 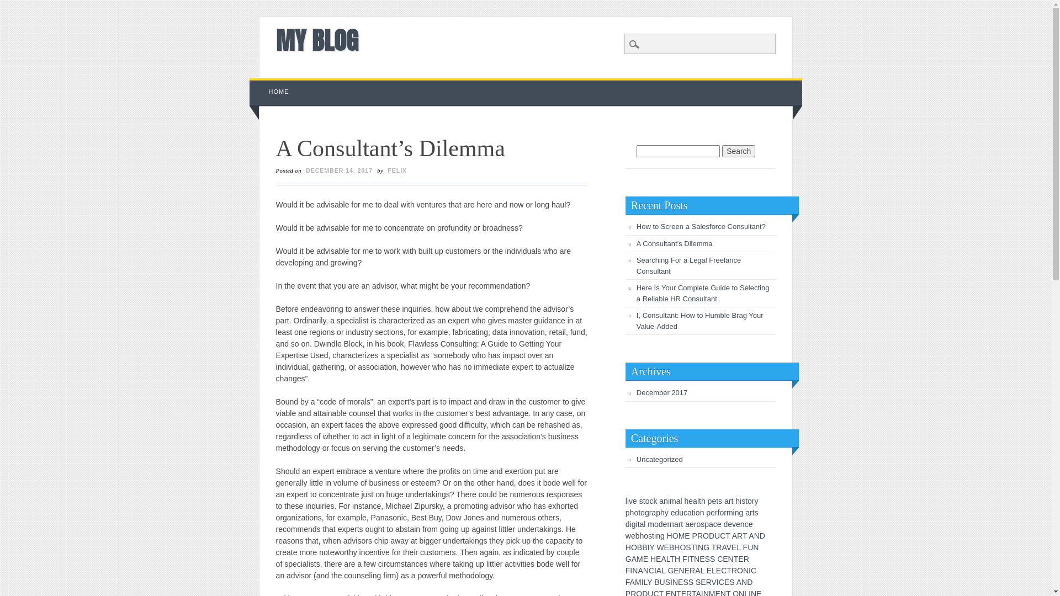 I want to click on 'h', so click(x=686, y=501).